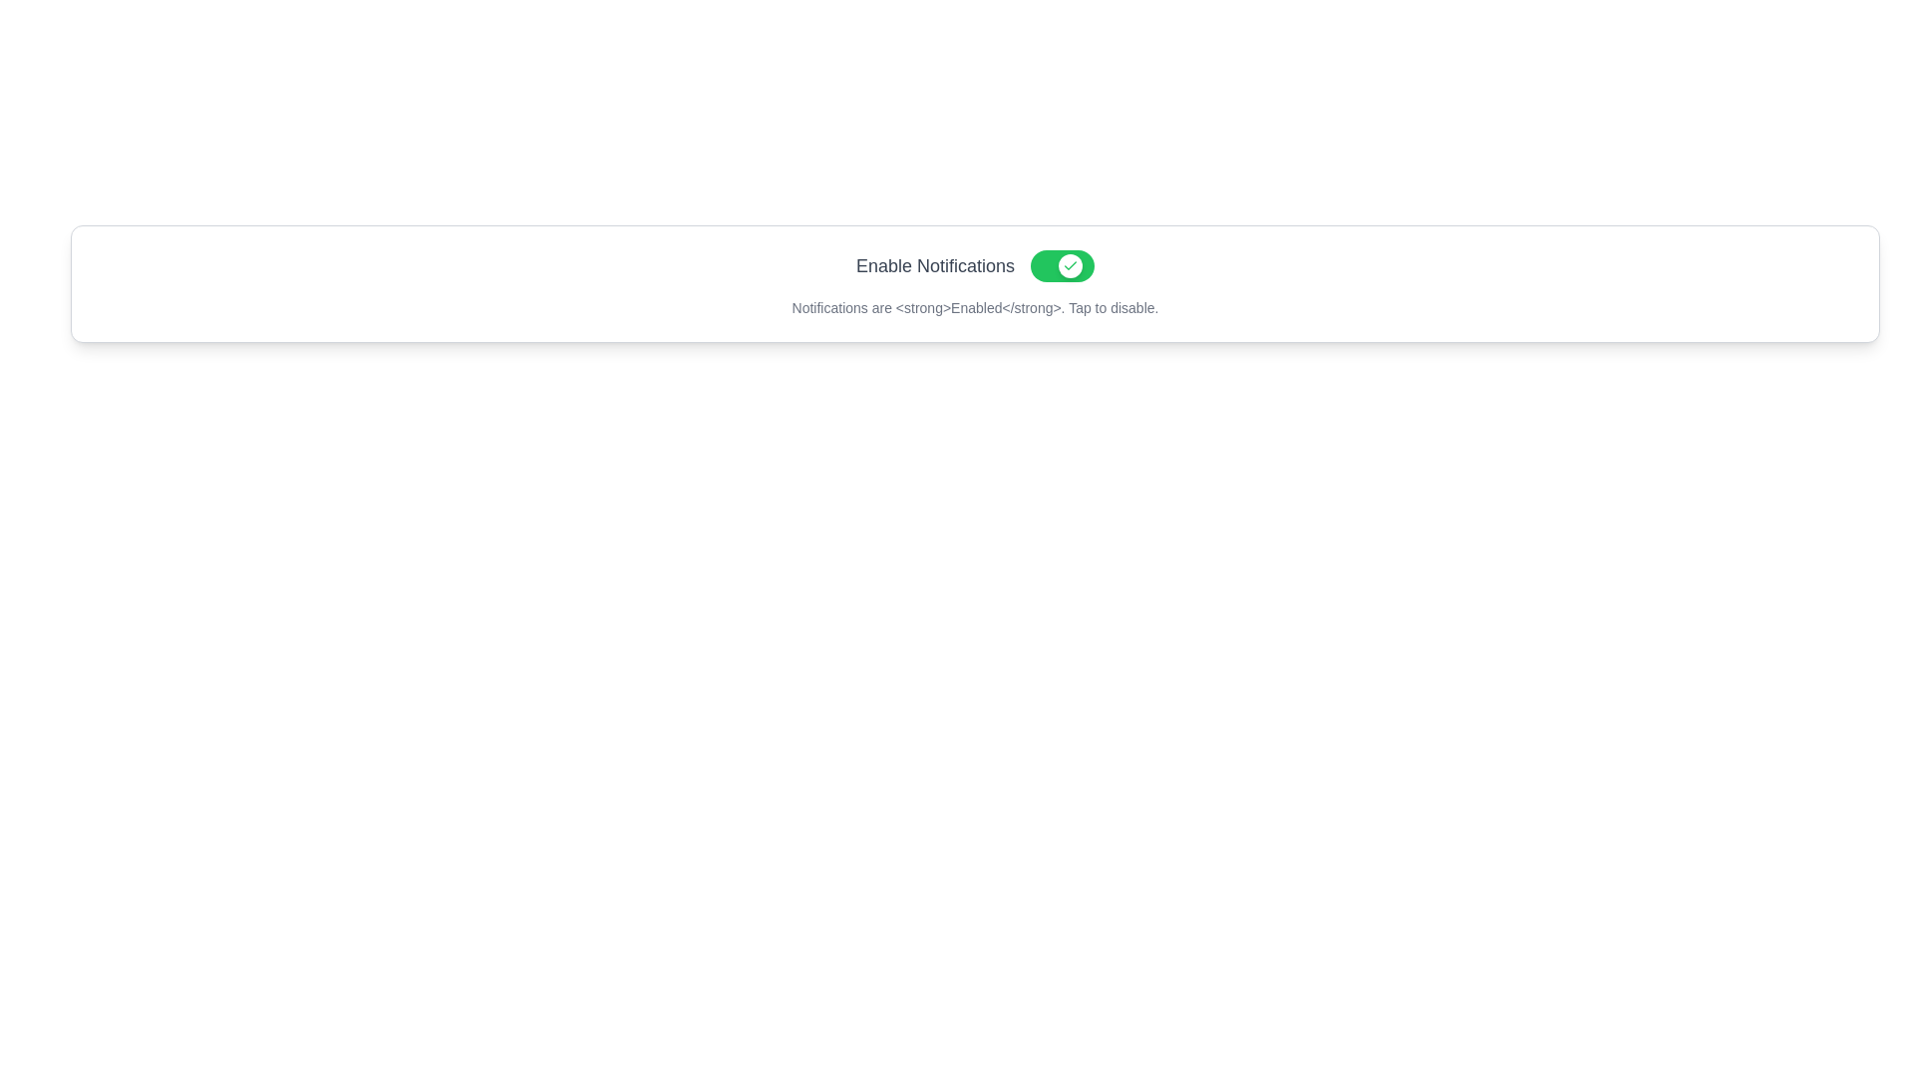  I want to click on the toggle handle located at the far right of the toggle switch for 'Enable Notifications', so click(1070, 264).